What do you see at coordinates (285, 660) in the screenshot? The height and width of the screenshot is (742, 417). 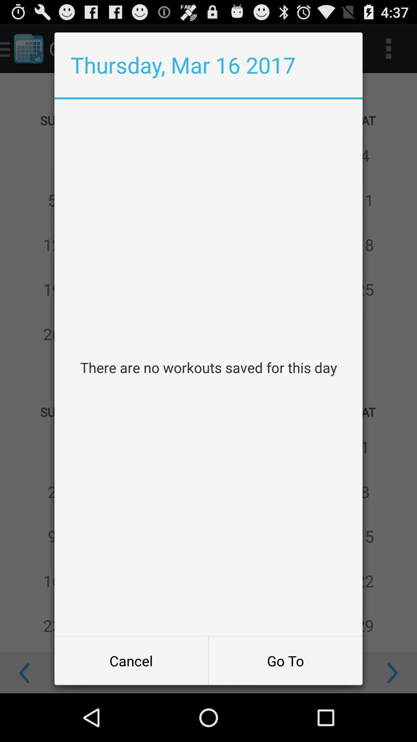 I see `the button to the right of the cancel button` at bounding box center [285, 660].